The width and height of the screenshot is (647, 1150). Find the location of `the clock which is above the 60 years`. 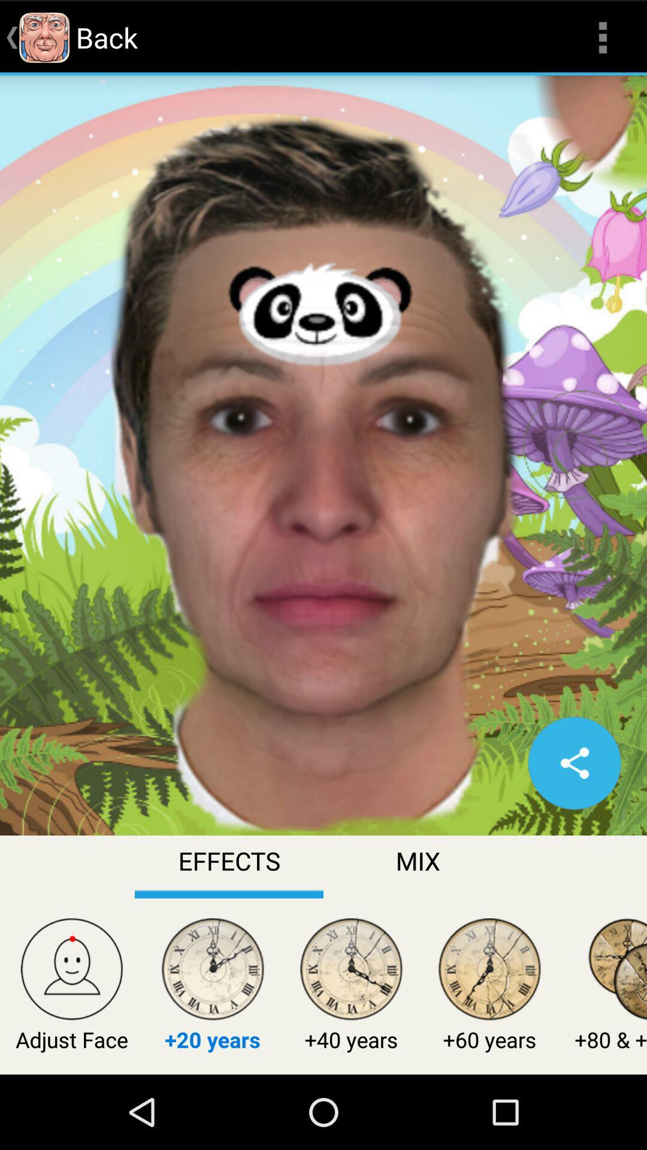

the clock which is above the 60 years is located at coordinates (489, 972).